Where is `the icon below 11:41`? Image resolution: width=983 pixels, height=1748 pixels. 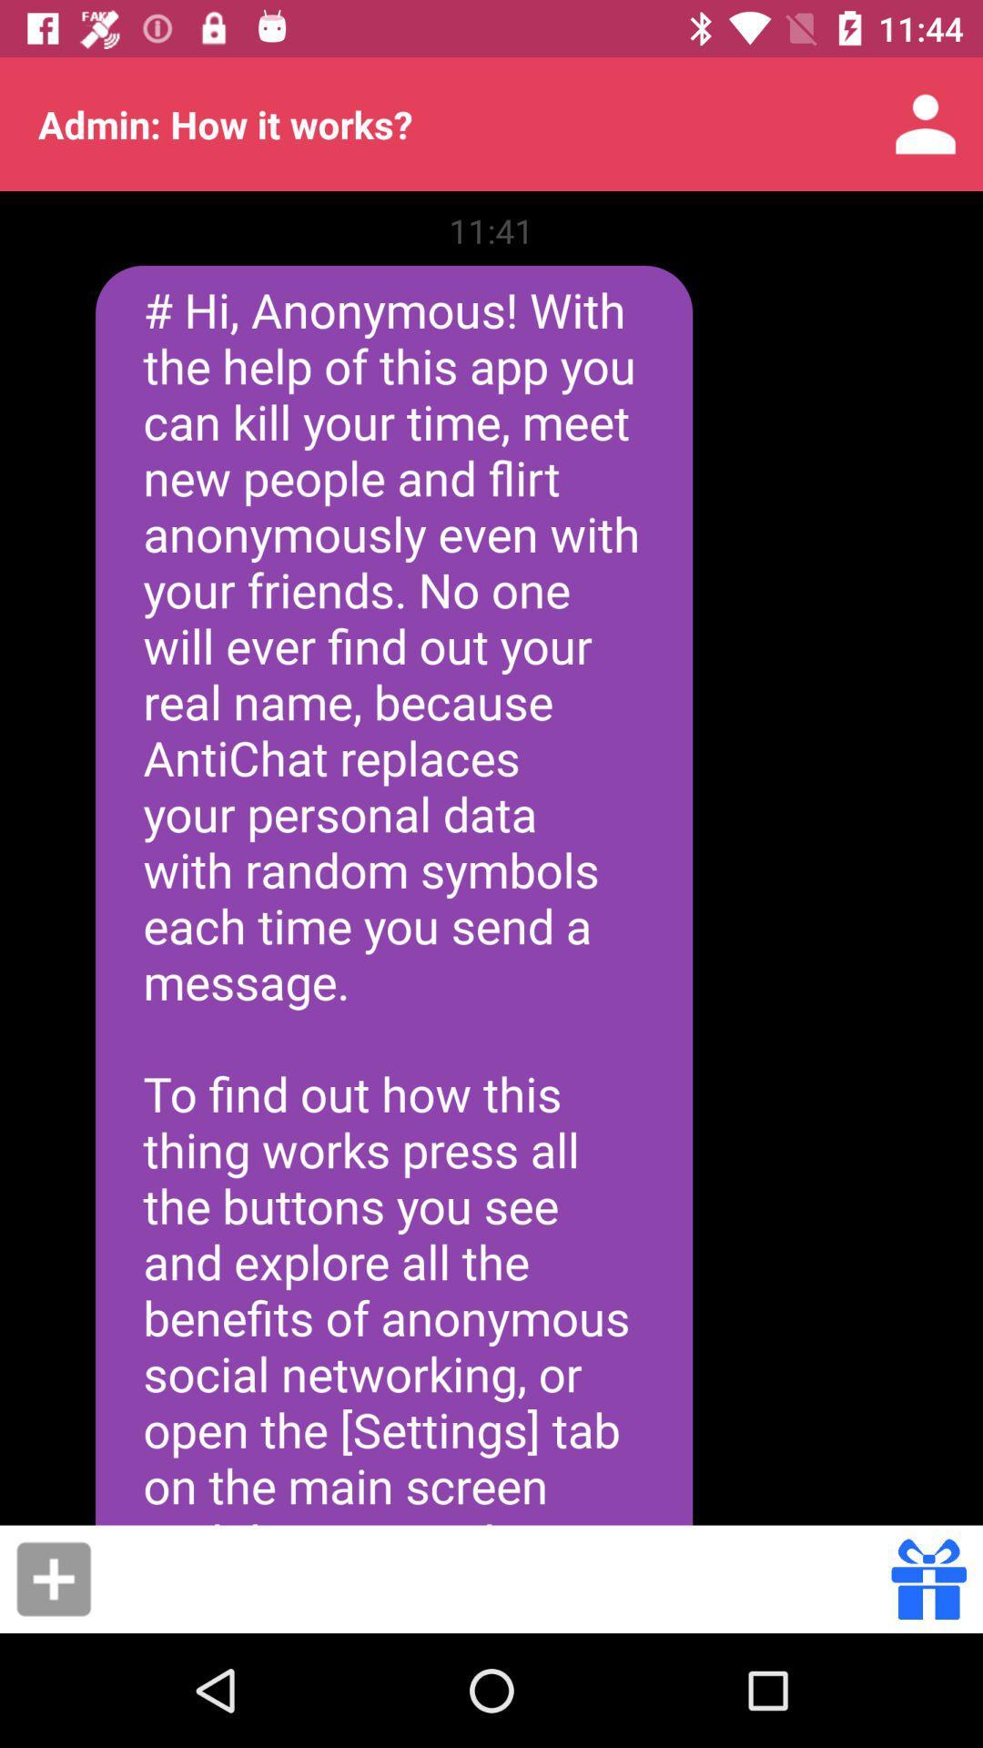
the icon below 11:41 is located at coordinates (393, 895).